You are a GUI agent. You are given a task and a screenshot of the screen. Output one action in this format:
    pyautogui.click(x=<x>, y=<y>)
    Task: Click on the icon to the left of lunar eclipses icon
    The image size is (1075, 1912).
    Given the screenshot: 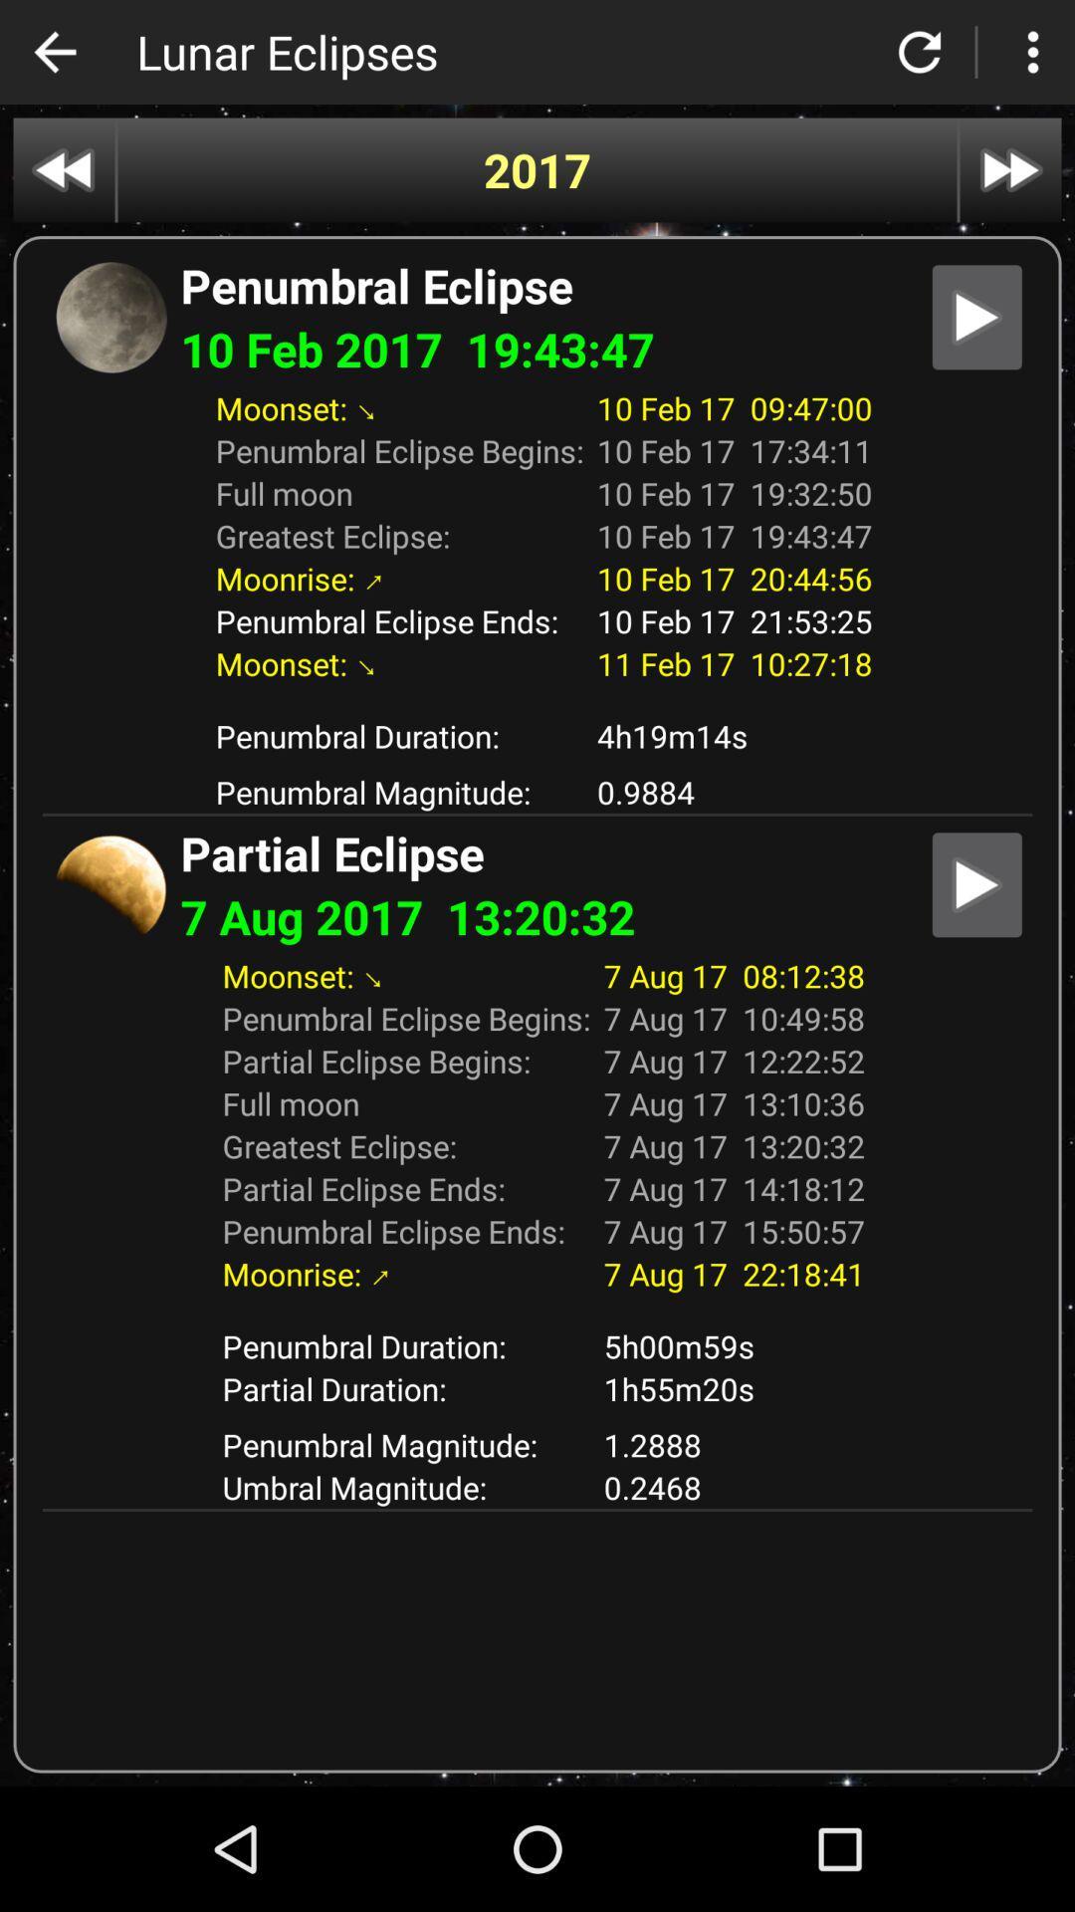 What is the action you would take?
    pyautogui.click(x=54, y=52)
    